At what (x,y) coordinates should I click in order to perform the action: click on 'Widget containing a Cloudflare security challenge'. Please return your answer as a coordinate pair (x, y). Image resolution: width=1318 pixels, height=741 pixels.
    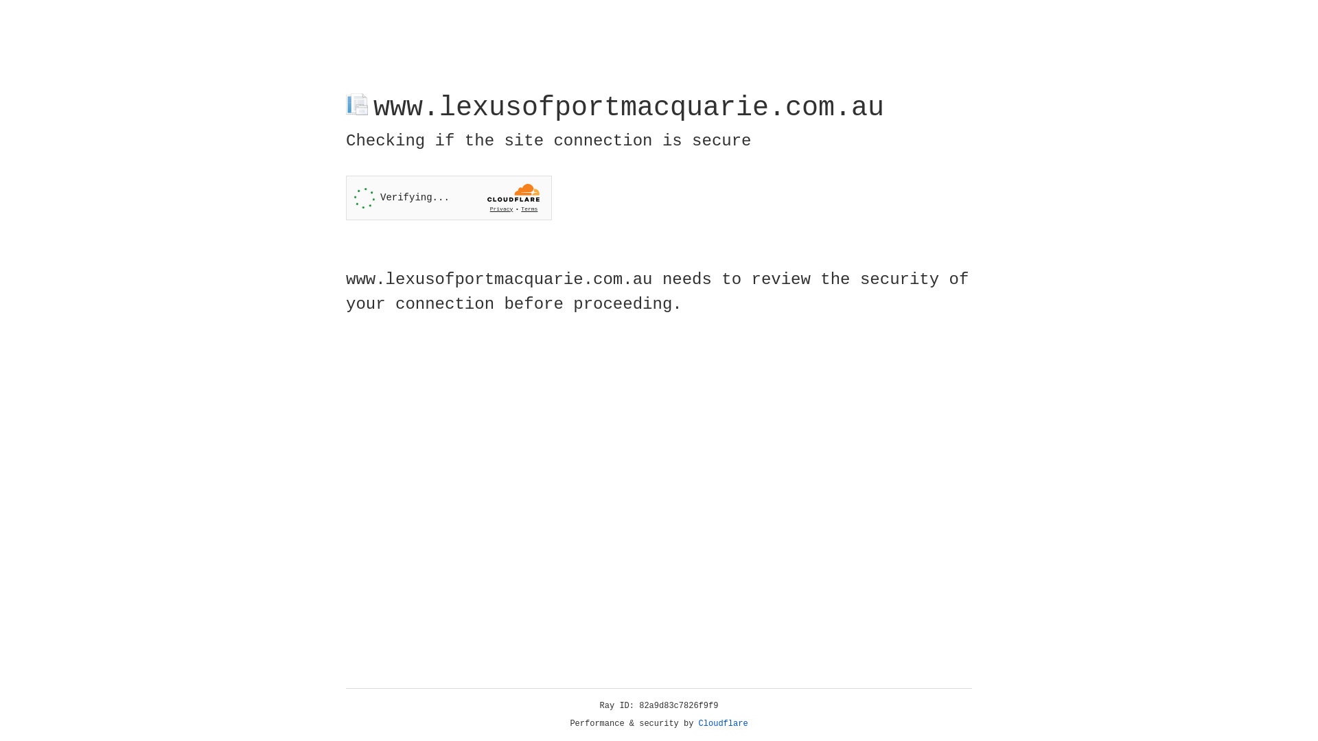
    Looking at the image, I should click on (448, 198).